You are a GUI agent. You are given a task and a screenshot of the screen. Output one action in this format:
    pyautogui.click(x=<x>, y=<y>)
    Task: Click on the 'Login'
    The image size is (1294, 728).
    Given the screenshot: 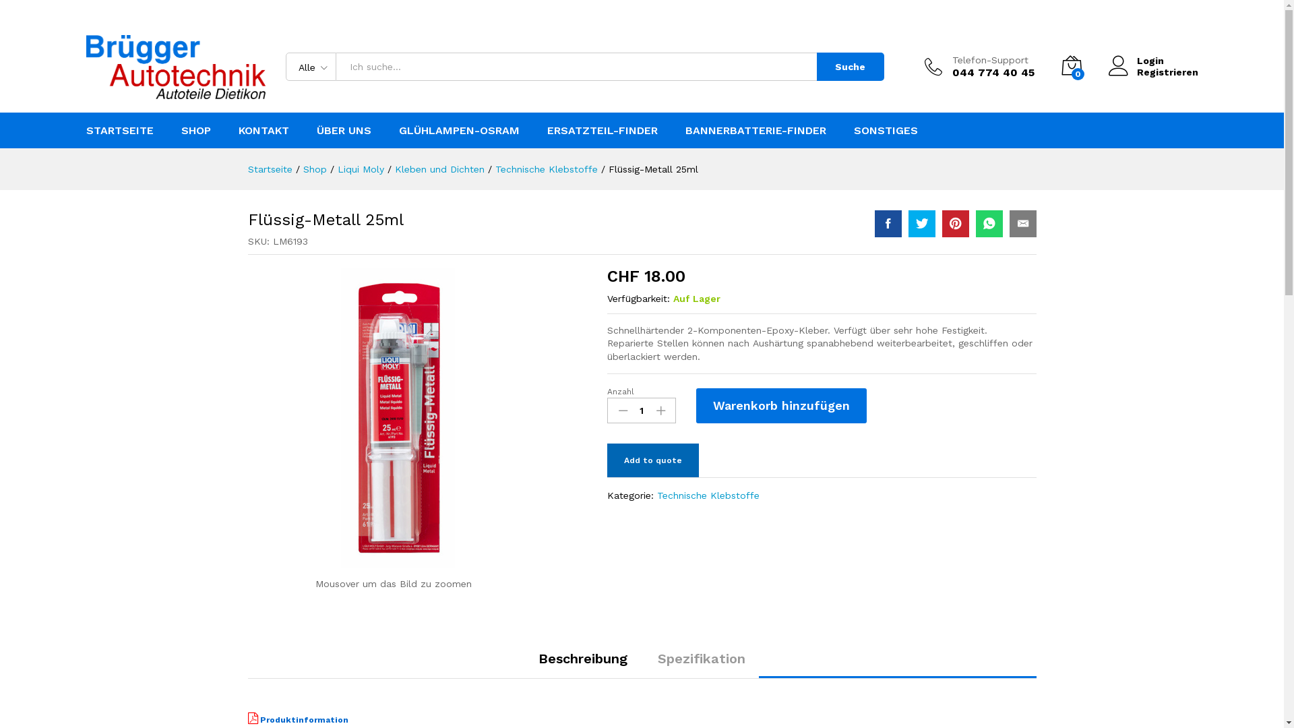 What is the action you would take?
    pyautogui.click(x=1152, y=61)
    